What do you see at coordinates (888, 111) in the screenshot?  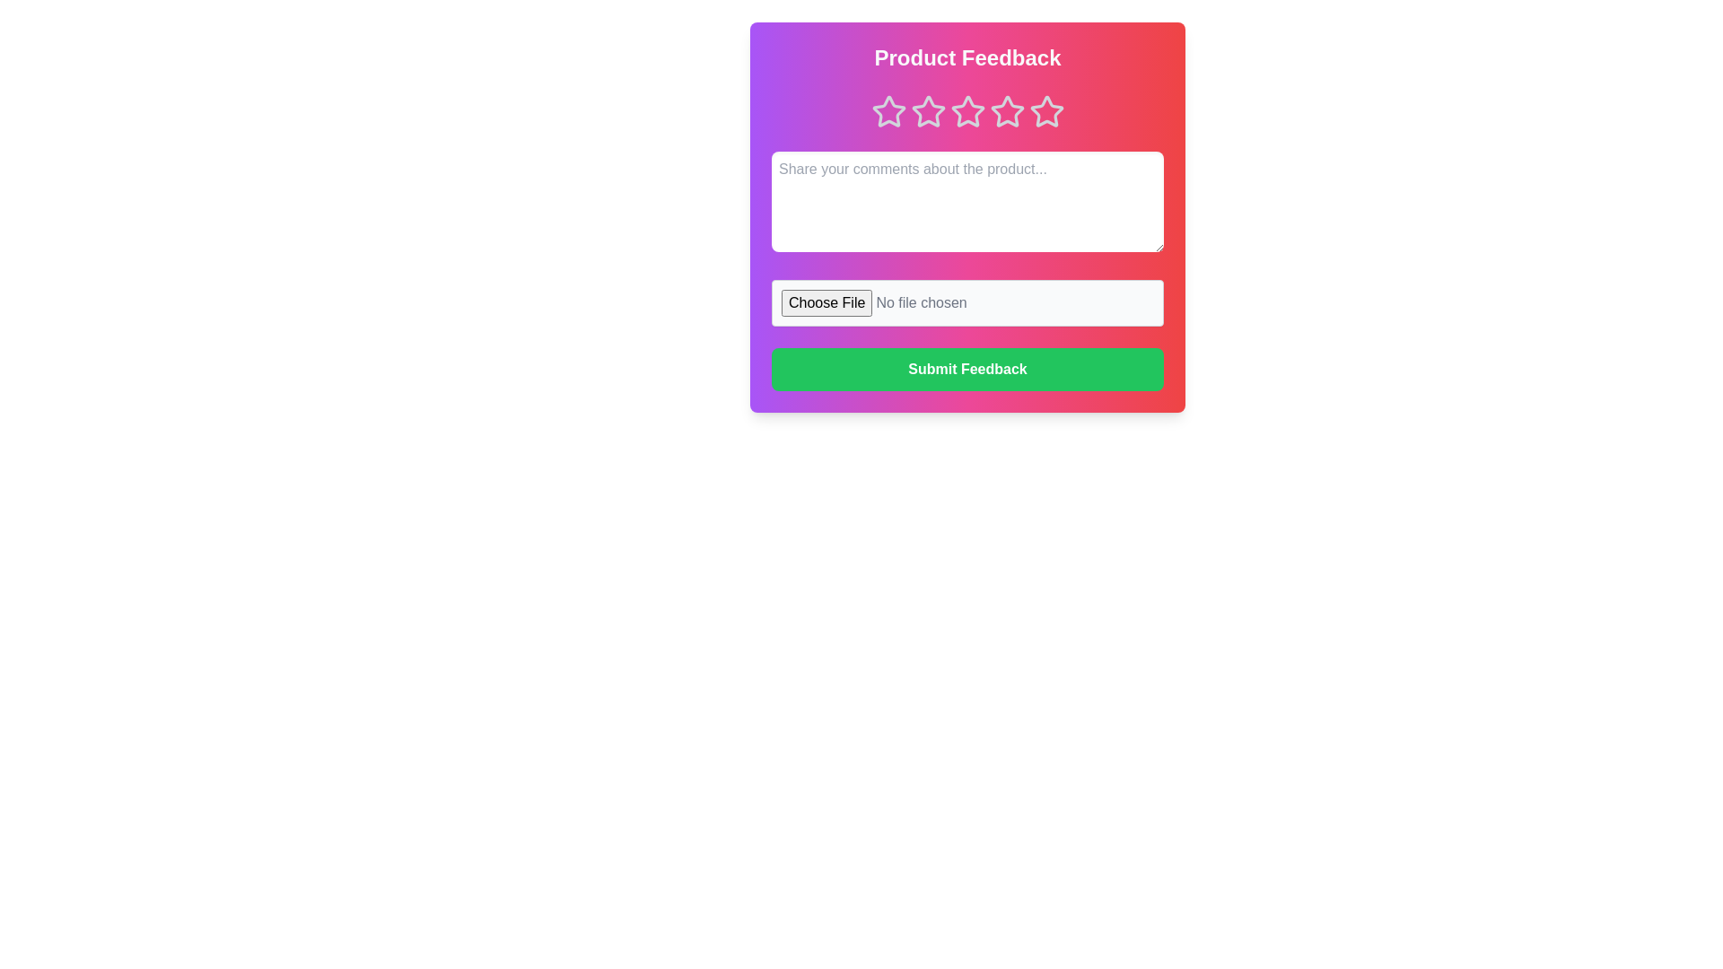 I see `the first star-shaped rating icon in the row located at the top of the 'Product Feedback' form` at bounding box center [888, 111].